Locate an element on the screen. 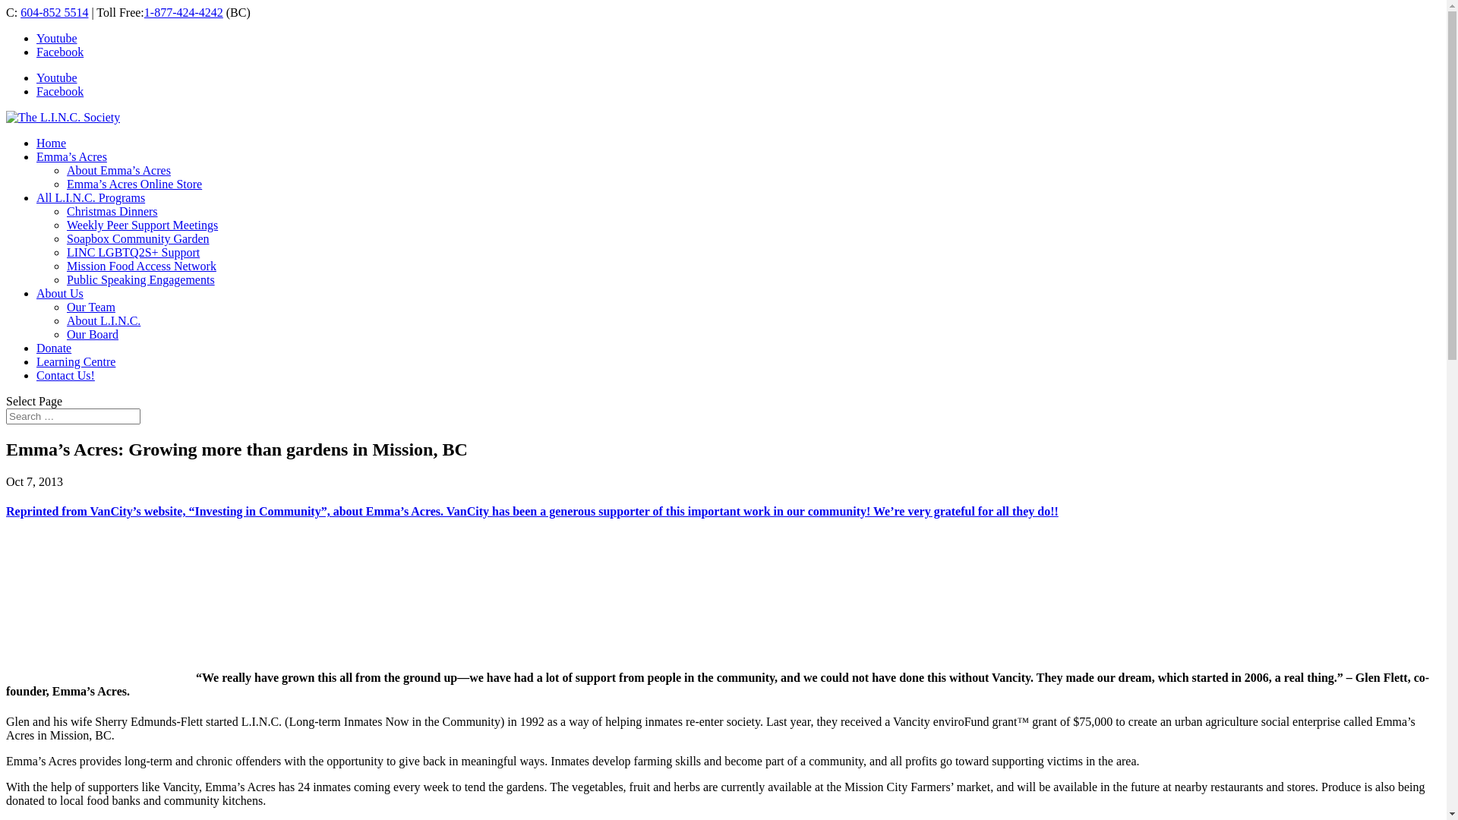 This screenshot has height=820, width=1458. 'About L.I.N.C.' is located at coordinates (103, 320).